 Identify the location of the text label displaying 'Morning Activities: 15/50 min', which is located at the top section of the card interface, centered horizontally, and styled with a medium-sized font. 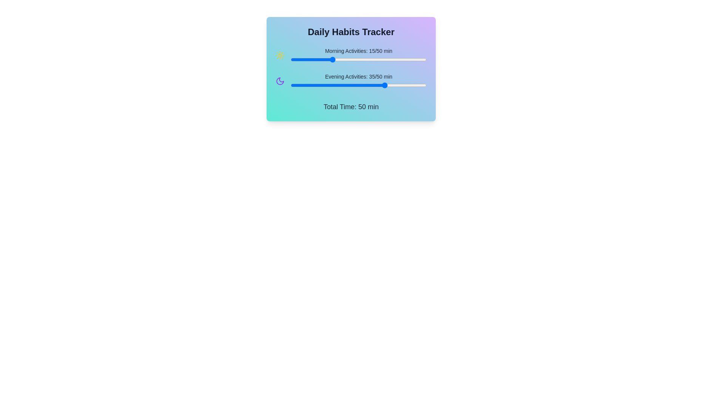
(358, 51).